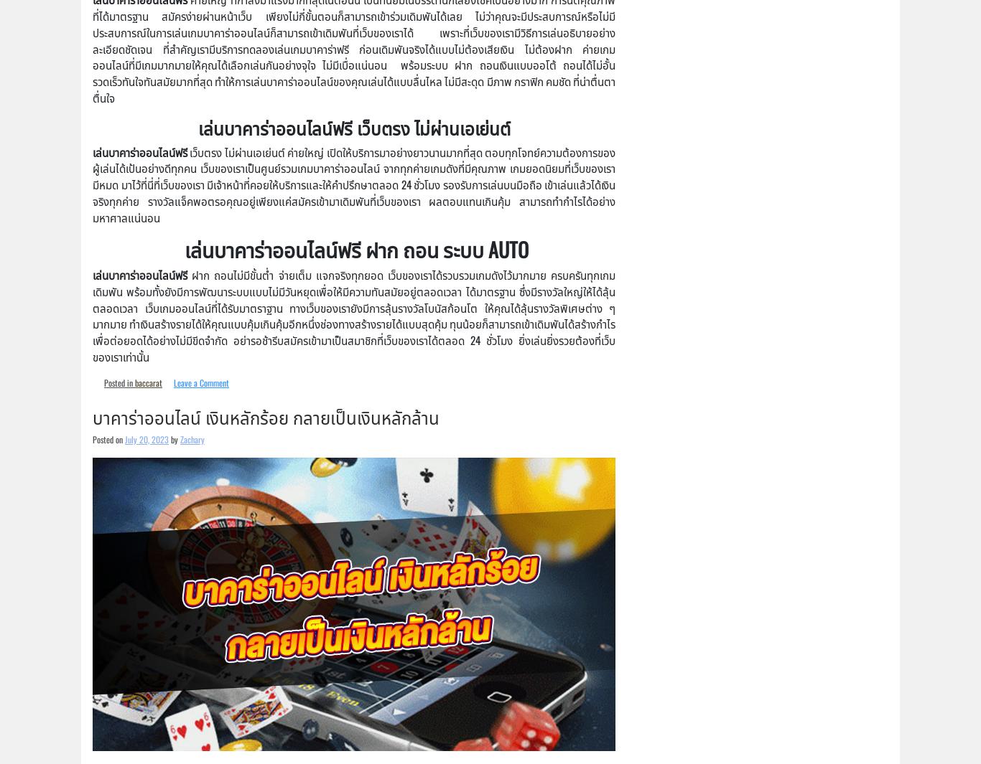 The width and height of the screenshot is (981, 764). I want to click on 'Leave a Comment', so click(201, 381).